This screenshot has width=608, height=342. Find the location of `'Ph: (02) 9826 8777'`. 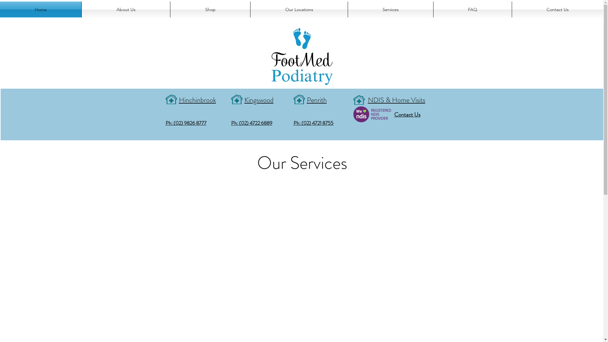

'Ph: (02) 9826 8777' is located at coordinates (185, 122).